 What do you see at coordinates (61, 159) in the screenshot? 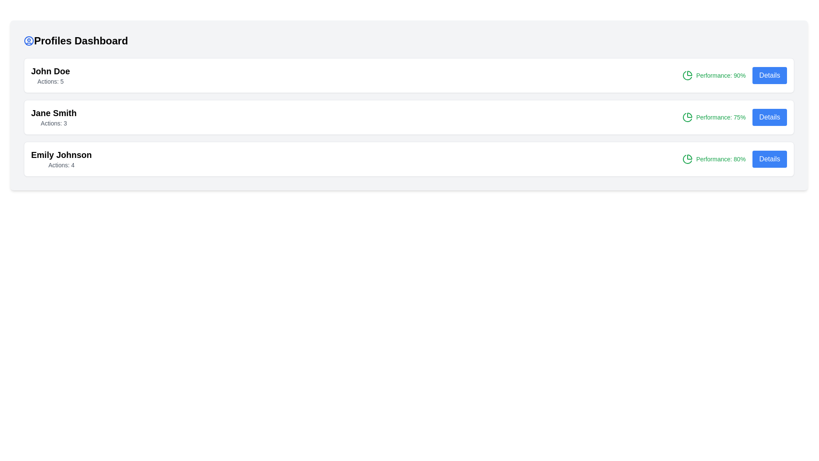
I see `the Text Display element that shows user information located in the third section of a vertical list of user profiles` at bounding box center [61, 159].